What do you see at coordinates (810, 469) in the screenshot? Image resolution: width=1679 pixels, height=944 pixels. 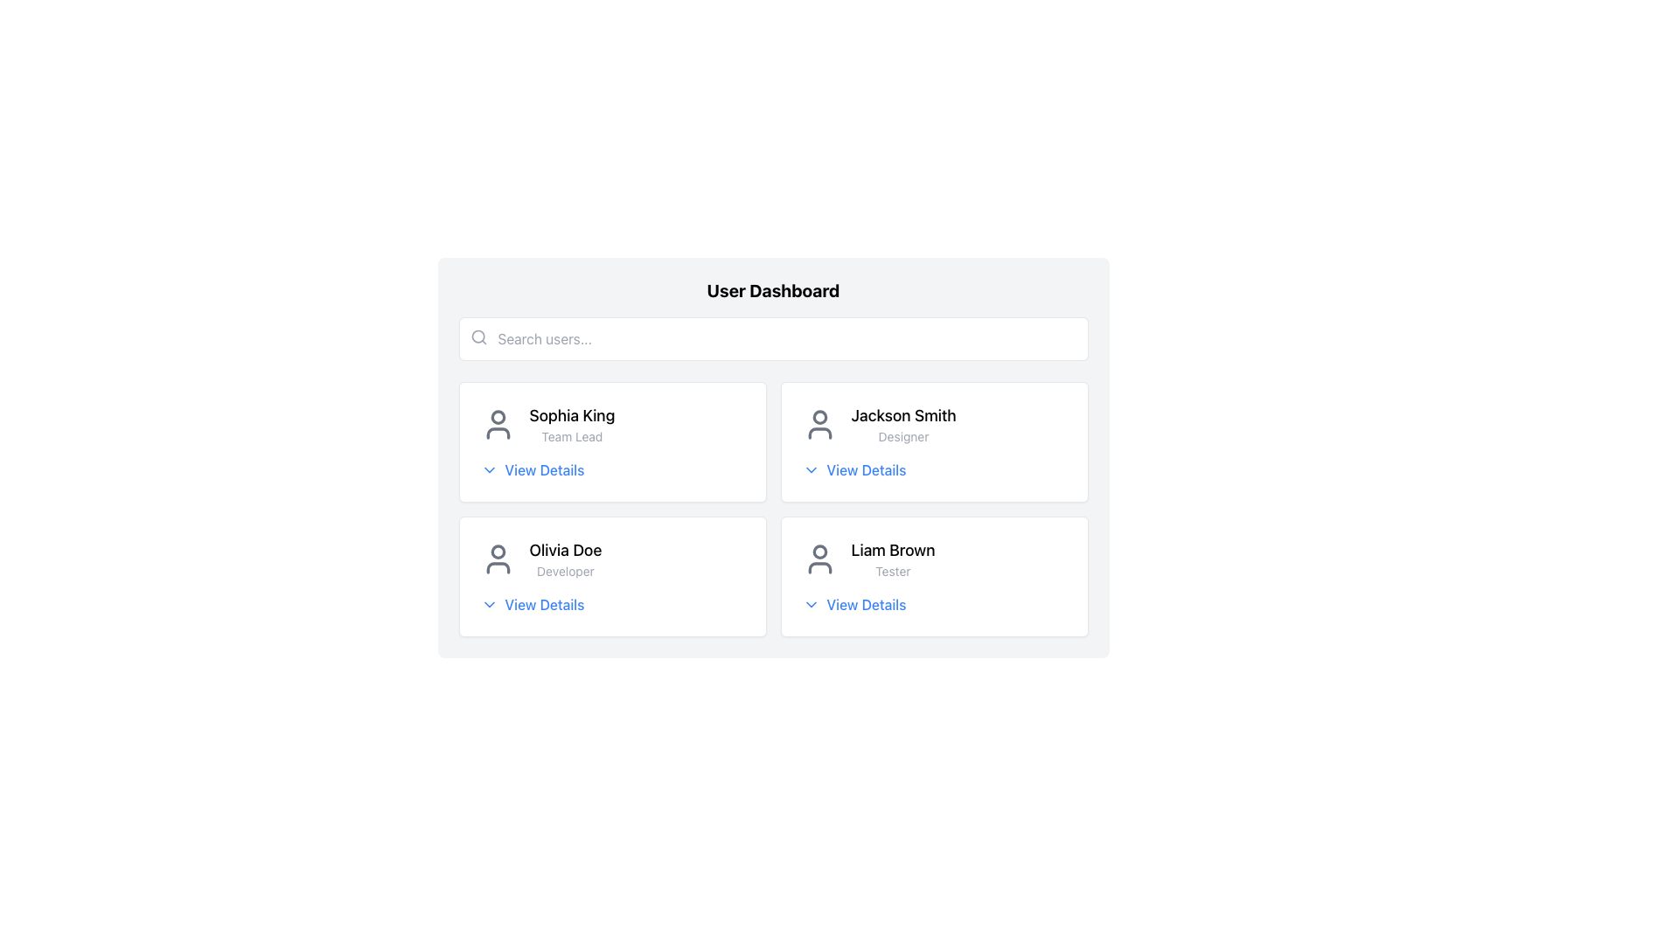 I see `the downward-pointing chevron icon associated with the 'View Details' link for the 'Jackson Smith' card, located in the upper-right quadrant of the interface` at bounding box center [810, 469].